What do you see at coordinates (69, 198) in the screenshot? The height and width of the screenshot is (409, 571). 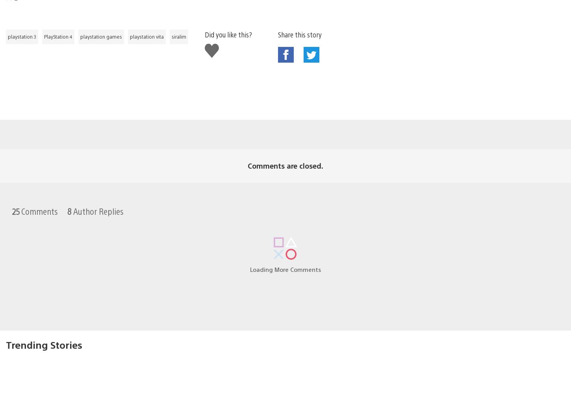 I see `'8'` at bounding box center [69, 198].